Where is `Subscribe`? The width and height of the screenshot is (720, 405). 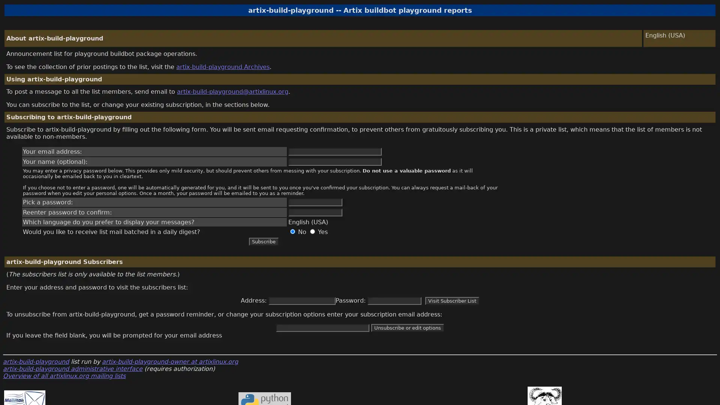
Subscribe is located at coordinates (263, 241).